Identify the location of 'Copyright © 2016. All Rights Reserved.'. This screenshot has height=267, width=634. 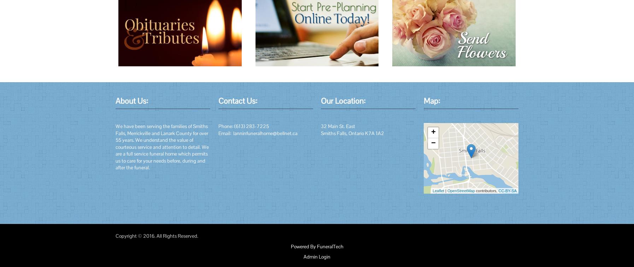
(157, 235).